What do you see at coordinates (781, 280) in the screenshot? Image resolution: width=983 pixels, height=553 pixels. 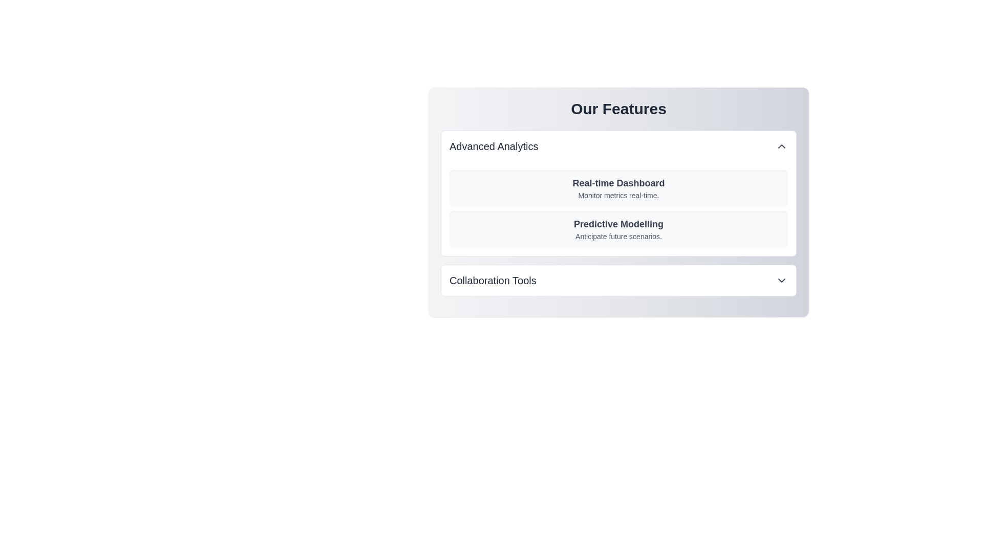 I see `the downward-facing chevron arrow dropdown toggle button located in the far-right section of the 'Collaboration Tools' row` at bounding box center [781, 280].